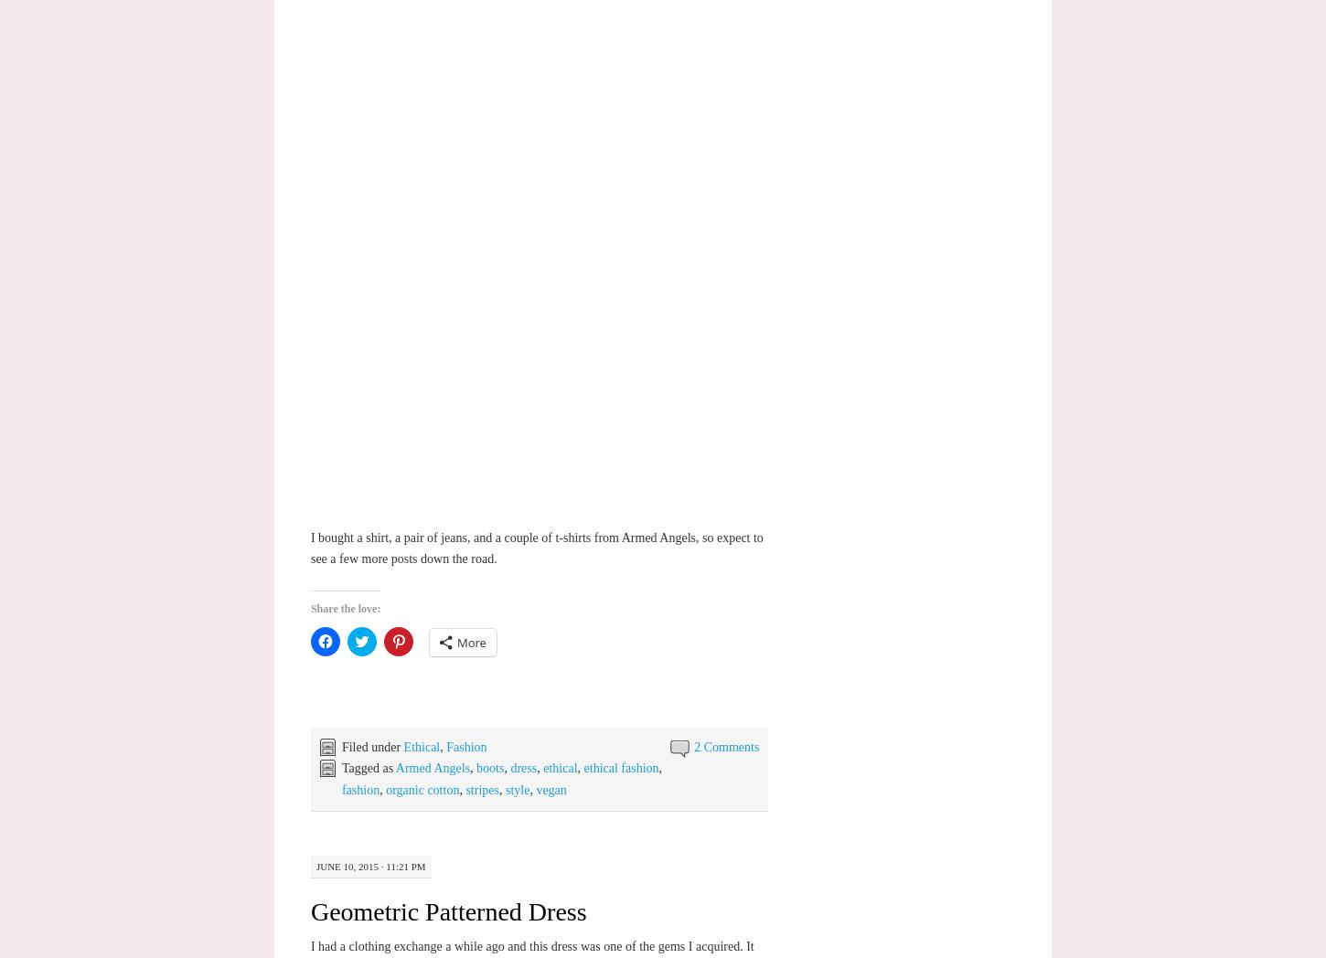 Image resolution: width=1326 pixels, height=958 pixels. I want to click on 'More', so click(471, 640).